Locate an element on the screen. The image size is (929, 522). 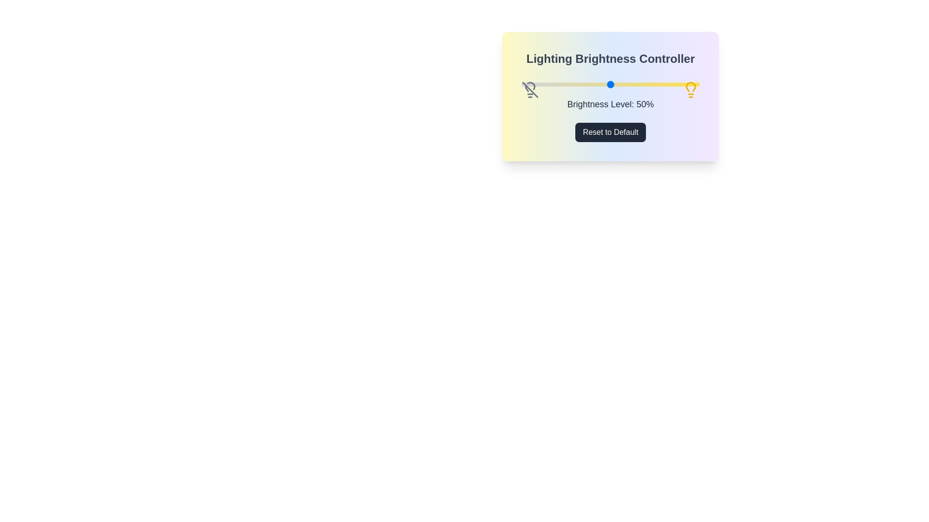
the 'Reset to Default' button to reset the brightness level to 50% is located at coordinates (610, 132).